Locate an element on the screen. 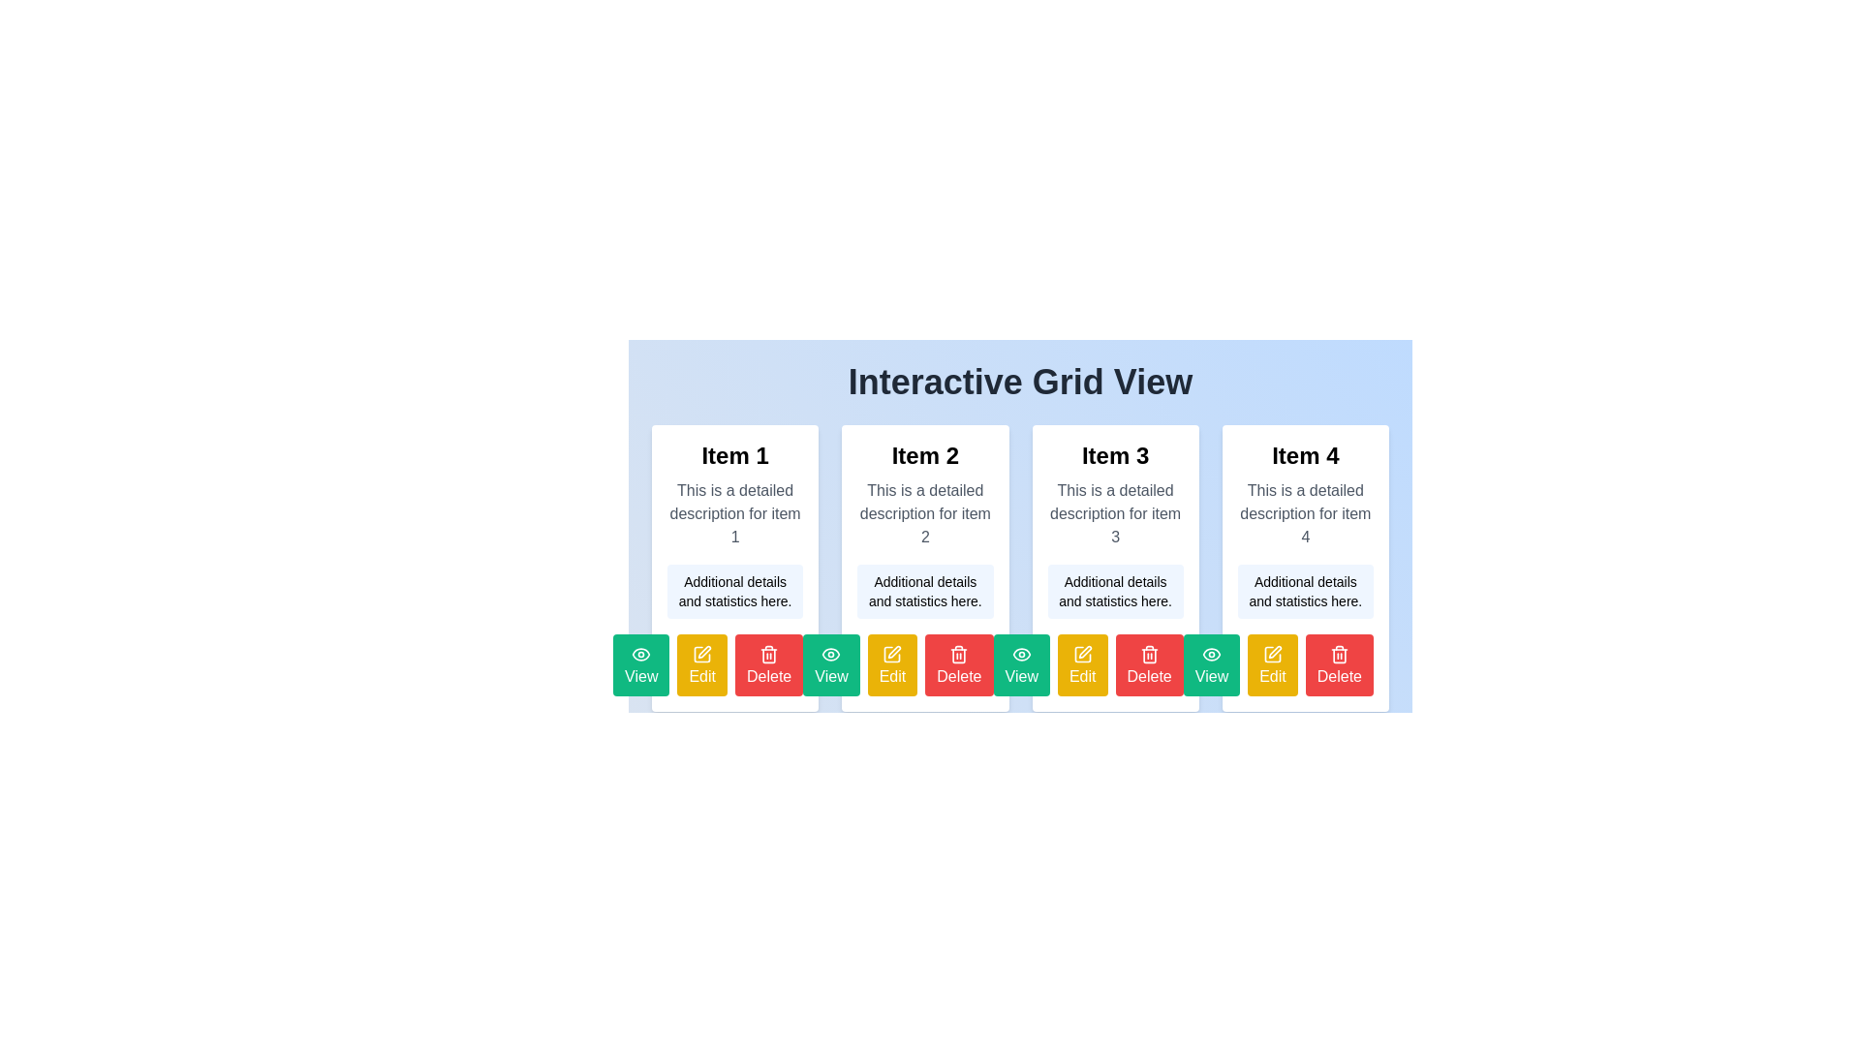 The width and height of the screenshot is (1860, 1046). the second card item in the grid layout that displays information and statistics related to 'Item 2', positioned between 'Item 1' and 'Item 3' is located at coordinates (924, 567).